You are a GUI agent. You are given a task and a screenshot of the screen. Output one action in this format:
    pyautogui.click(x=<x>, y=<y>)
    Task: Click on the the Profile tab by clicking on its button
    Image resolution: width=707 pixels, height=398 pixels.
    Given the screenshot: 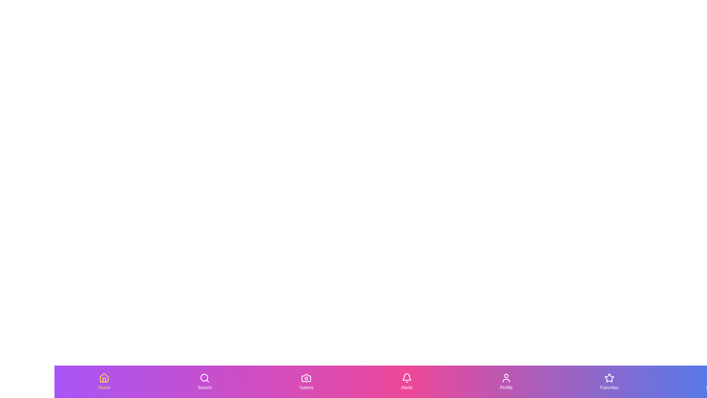 What is the action you would take?
    pyautogui.click(x=506, y=381)
    